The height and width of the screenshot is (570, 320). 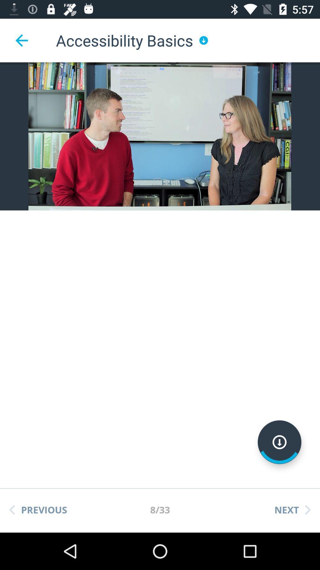 I want to click on go down, so click(x=279, y=442).